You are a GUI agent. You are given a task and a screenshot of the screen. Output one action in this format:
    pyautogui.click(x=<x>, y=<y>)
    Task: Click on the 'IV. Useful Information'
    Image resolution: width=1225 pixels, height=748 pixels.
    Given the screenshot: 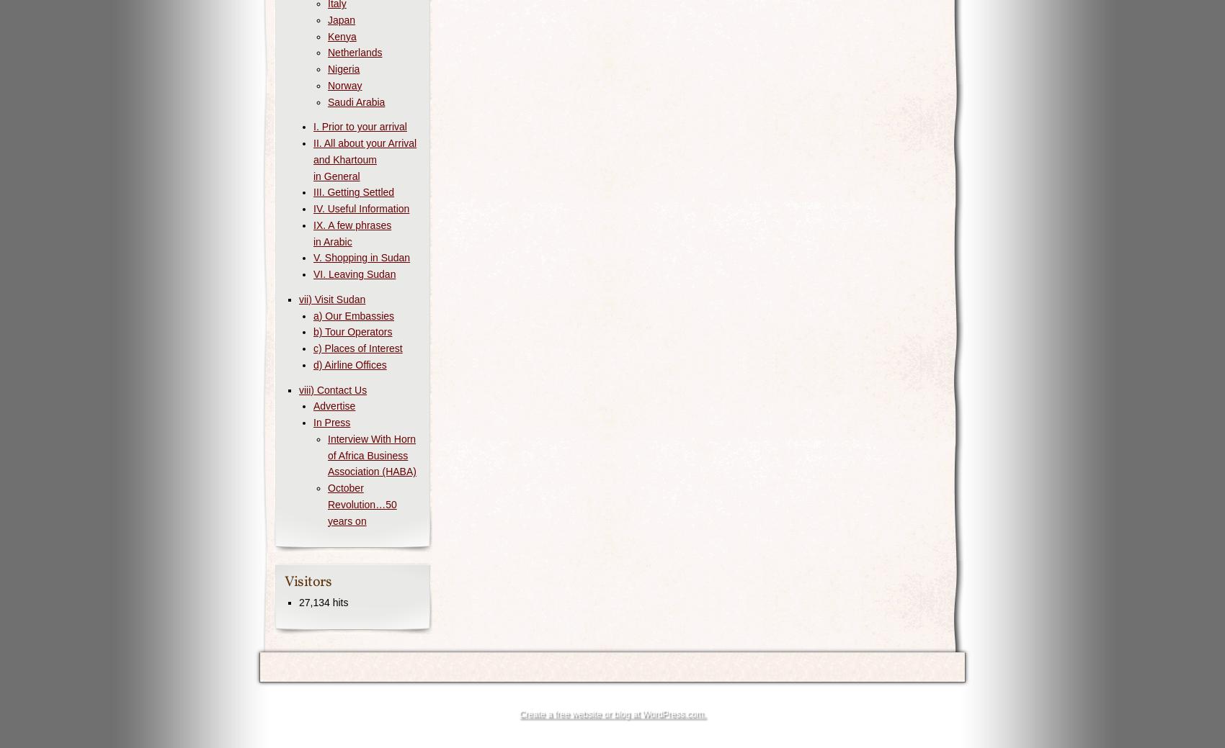 What is the action you would take?
    pyautogui.click(x=361, y=208)
    